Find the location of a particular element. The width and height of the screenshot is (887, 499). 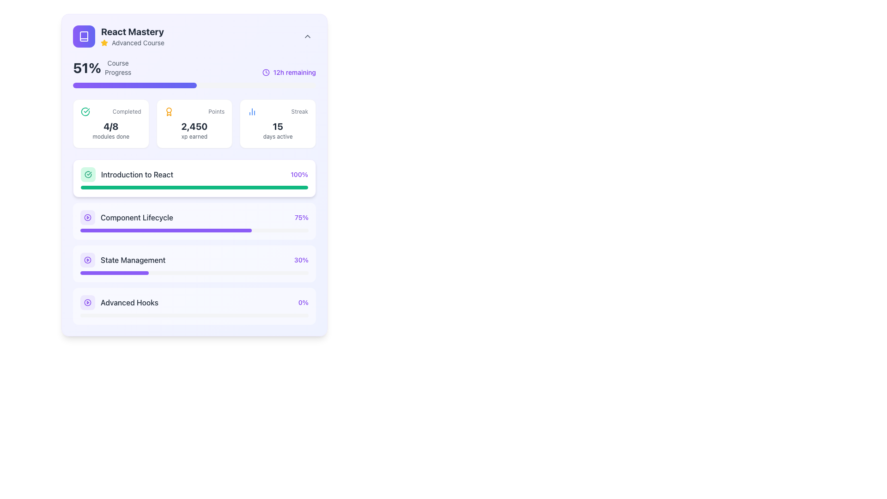

the educational-themed icon located to the left of the 'React Mastery' title and above the course progress bar is located at coordinates (84, 36).